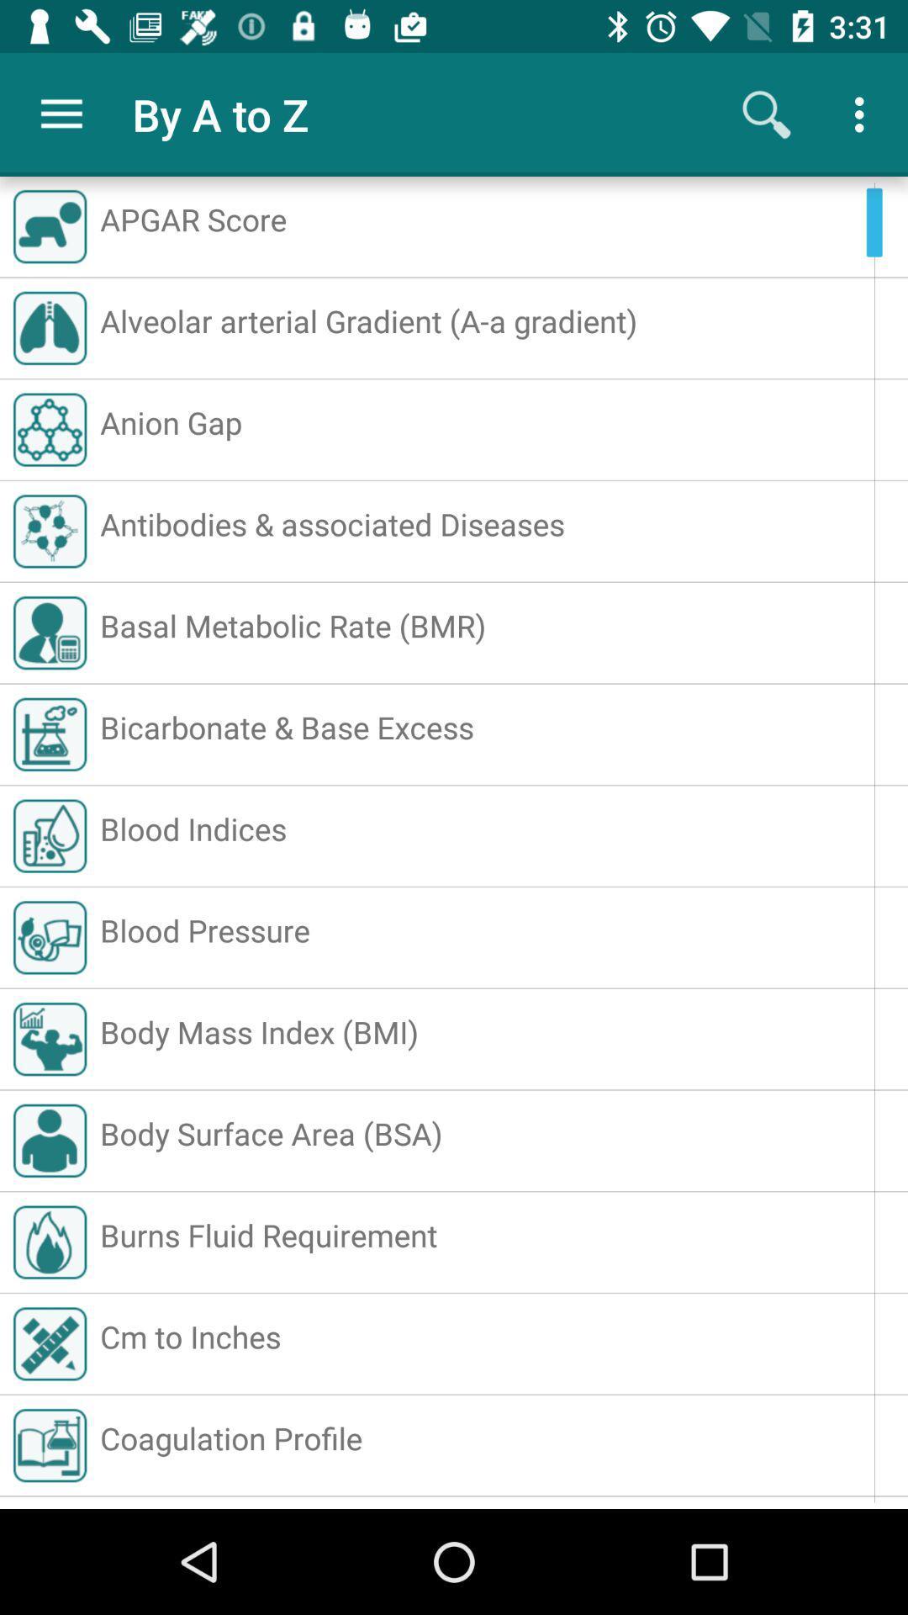 Image resolution: width=908 pixels, height=1615 pixels. What do you see at coordinates (863, 114) in the screenshot?
I see `the option icon` at bounding box center [863, 114].